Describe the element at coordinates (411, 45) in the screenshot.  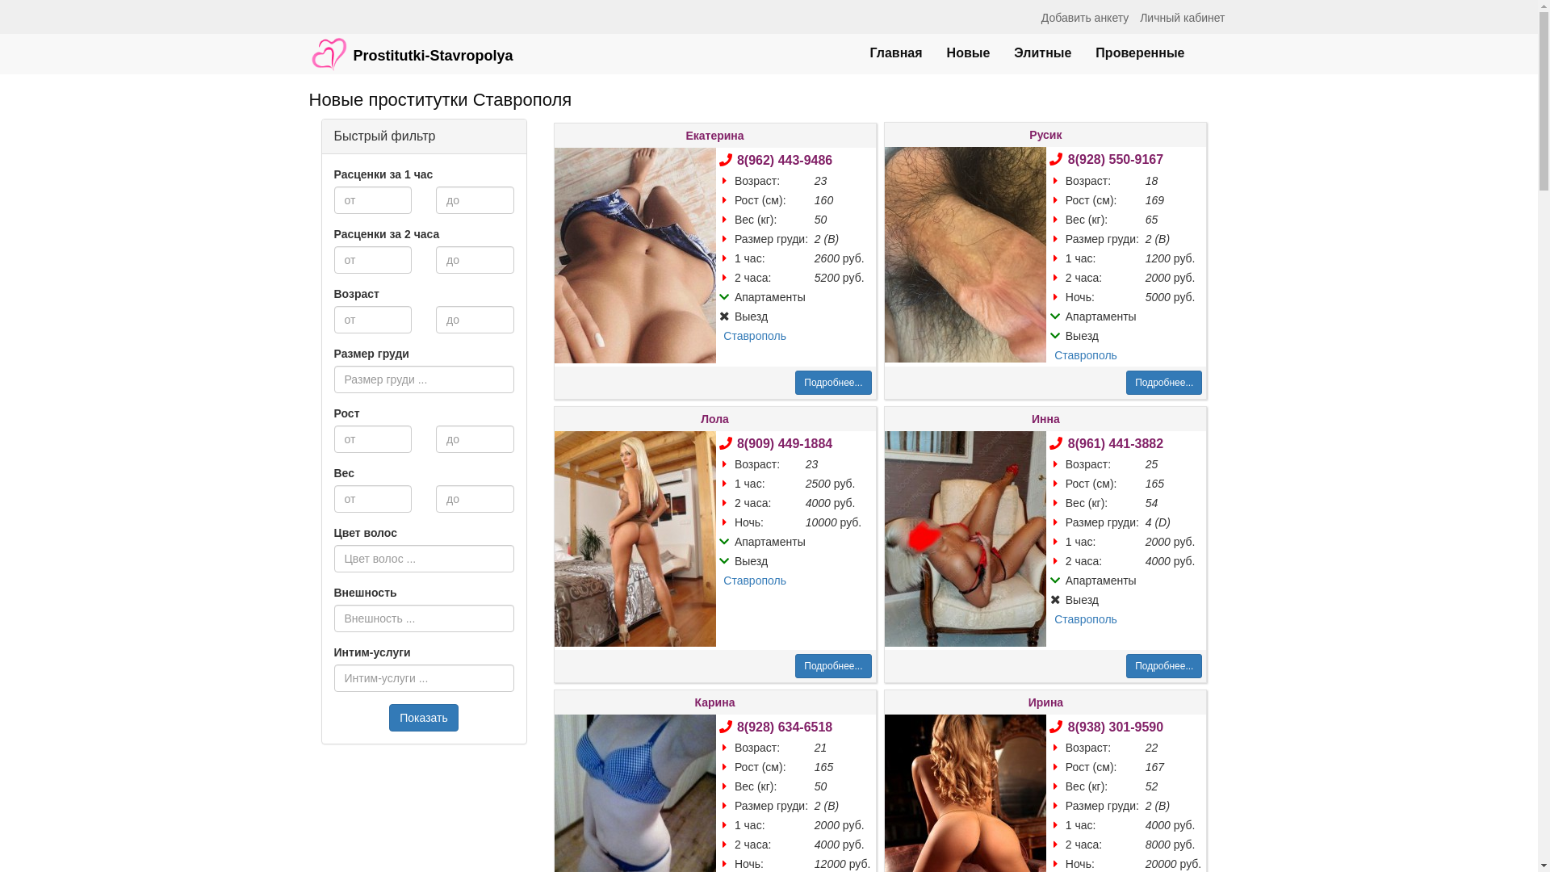
I see `'Prostitutki-Stavropolya'` at that location.